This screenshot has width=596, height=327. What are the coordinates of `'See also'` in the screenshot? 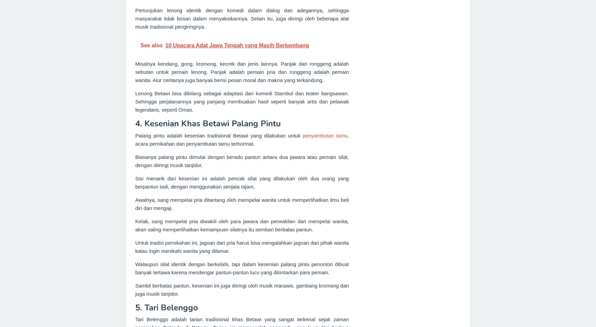 It's located at (151, 45).